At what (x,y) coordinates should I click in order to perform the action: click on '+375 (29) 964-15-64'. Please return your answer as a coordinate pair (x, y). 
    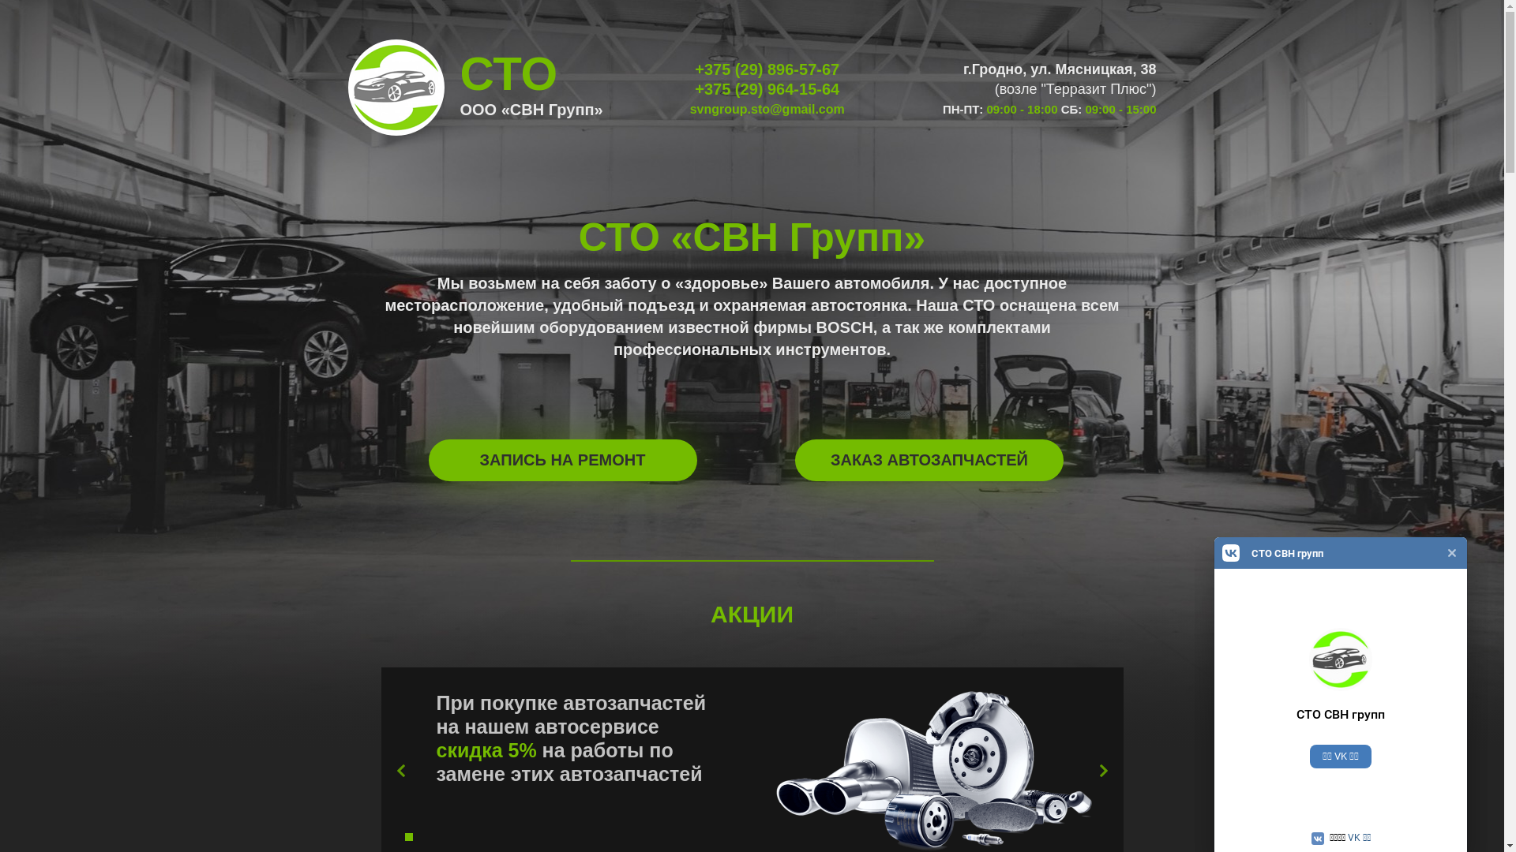
    Looking at the image, I should click on (694, 88).